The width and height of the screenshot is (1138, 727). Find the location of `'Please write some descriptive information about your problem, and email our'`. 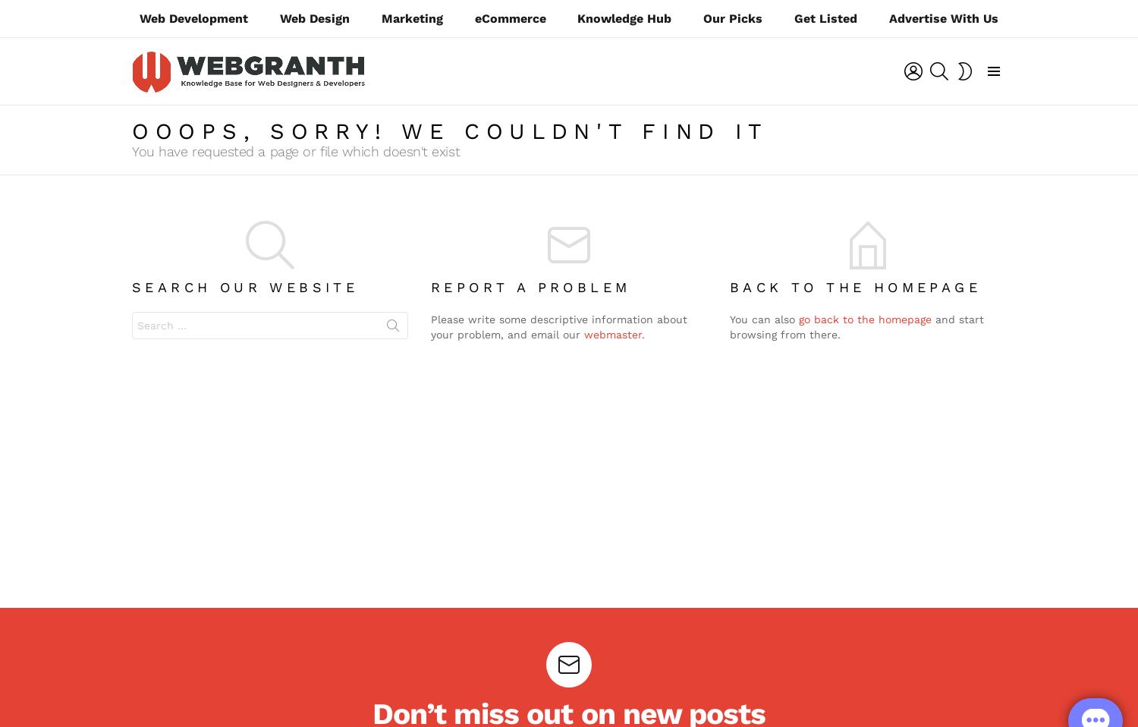

'Please write some descriptive information about your problem, and email our' is located at coordinates (558, 326).